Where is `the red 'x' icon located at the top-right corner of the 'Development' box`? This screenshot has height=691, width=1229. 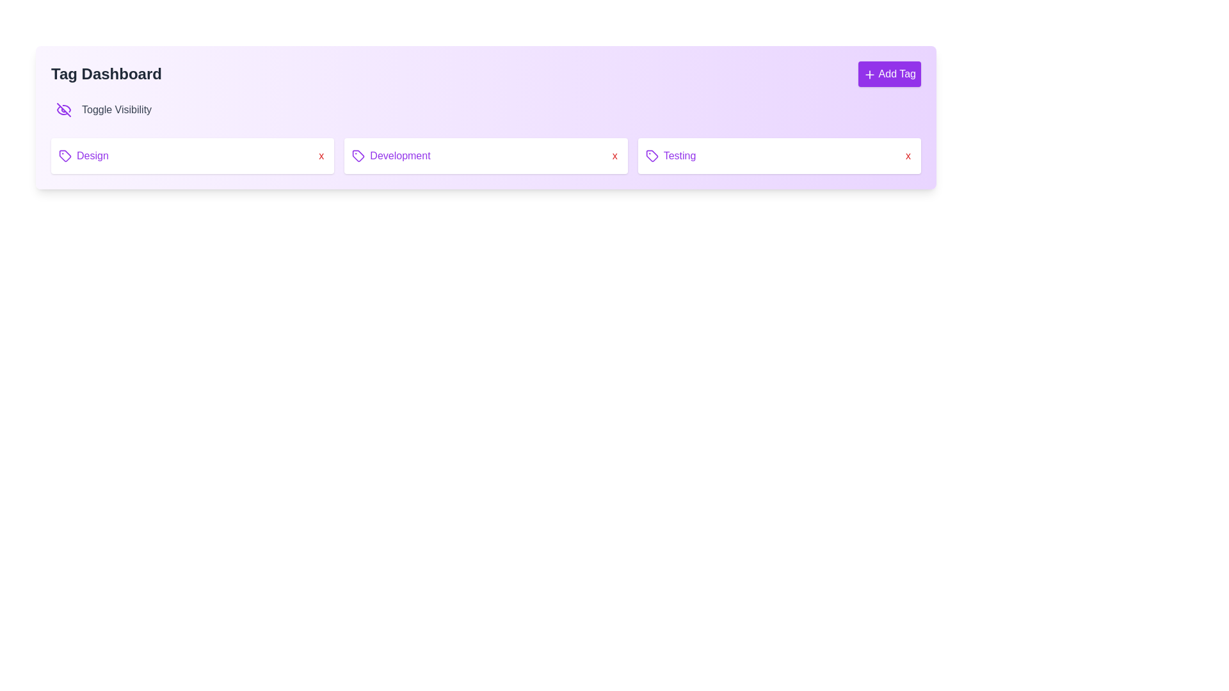
the red 'x' icon located at the top-right corner of the 'Development' box is located at coordinates (614, 155).